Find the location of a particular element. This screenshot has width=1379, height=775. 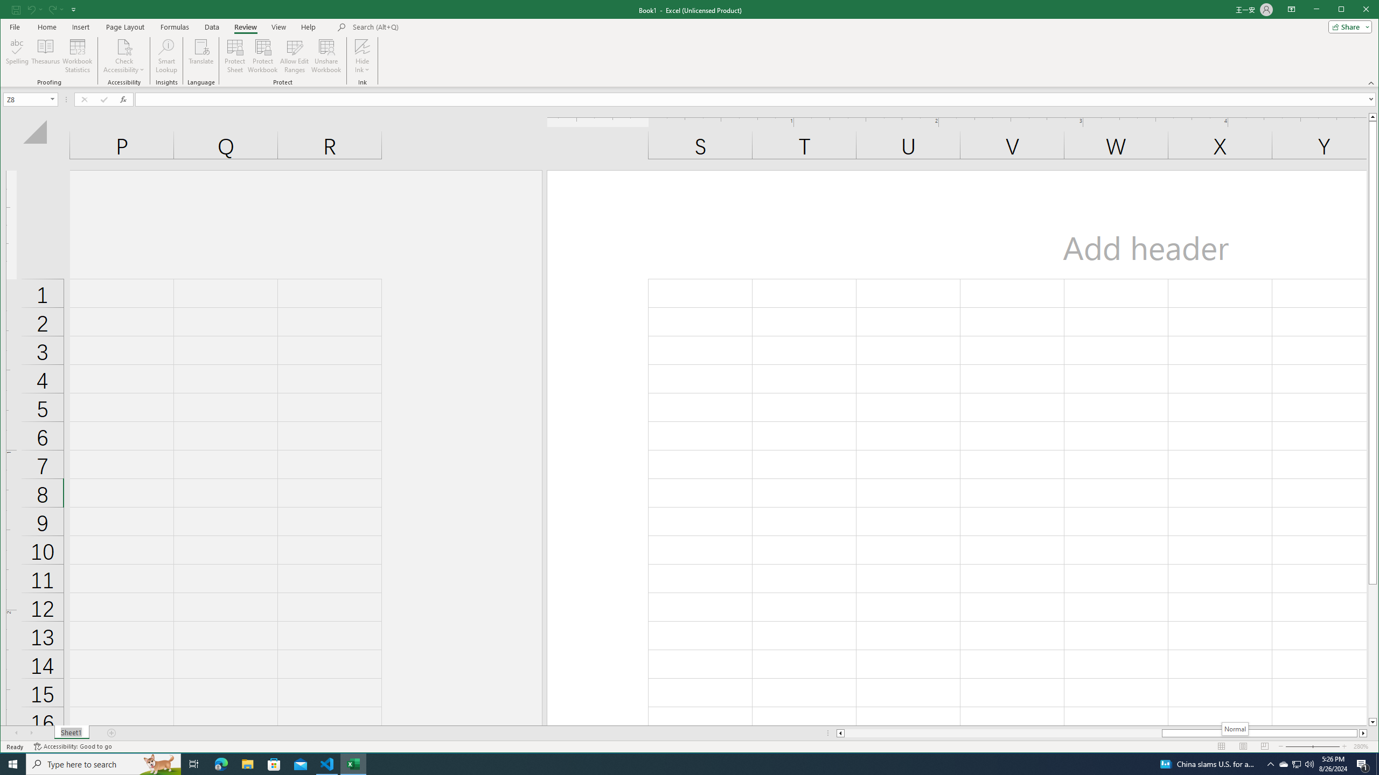

'Unshare Workbook' is located at coordinates (325, 55).